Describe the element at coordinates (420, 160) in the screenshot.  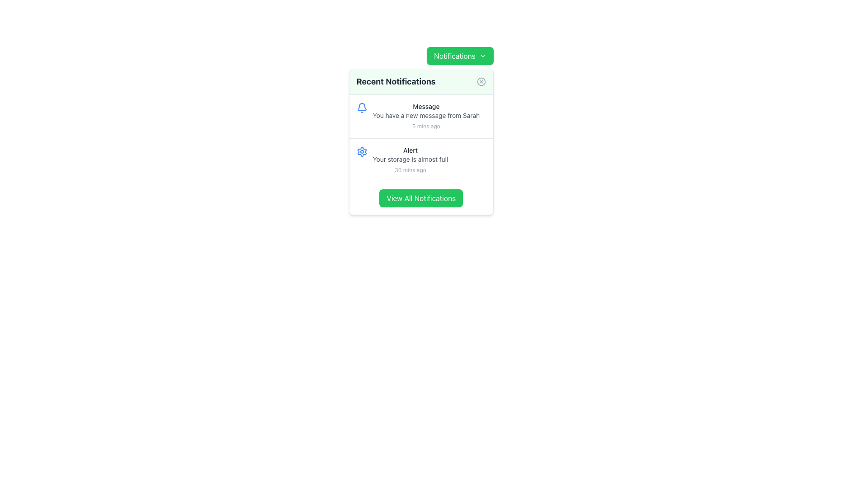
I see `notification item that is the second in the list under 'Recent Notifications', positioned below the 'Message' notification` at that location.